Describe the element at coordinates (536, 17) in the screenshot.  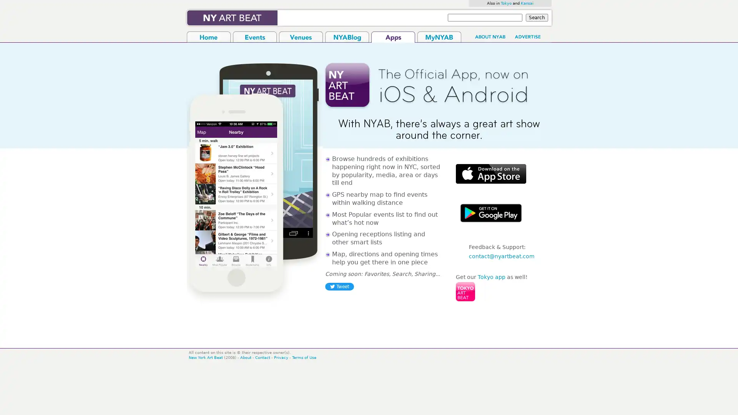
I see `Search` at that location.